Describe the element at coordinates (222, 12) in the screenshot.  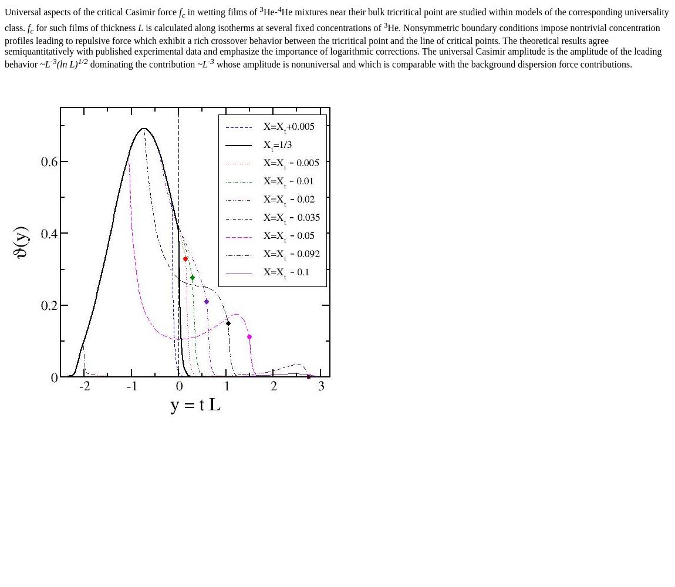
I see `'in wetting
films of'` at that location.